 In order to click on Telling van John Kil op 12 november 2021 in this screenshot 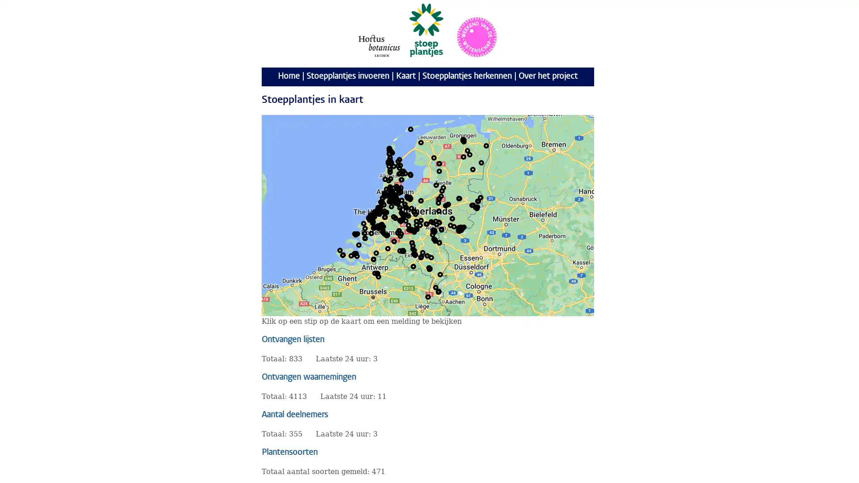, I will do `click(374, 258)`.